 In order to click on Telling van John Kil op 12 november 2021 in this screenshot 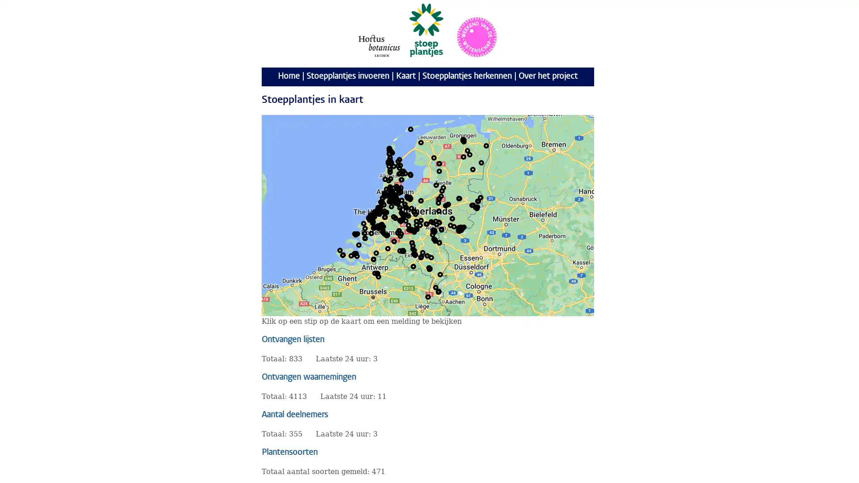, I will do `click(374, 258)`.